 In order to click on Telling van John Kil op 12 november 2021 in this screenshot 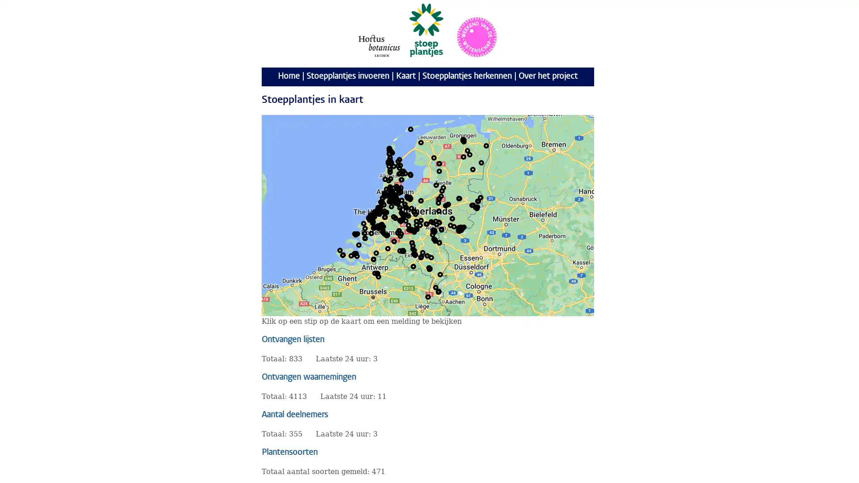, I will do `click(374, 258)`.